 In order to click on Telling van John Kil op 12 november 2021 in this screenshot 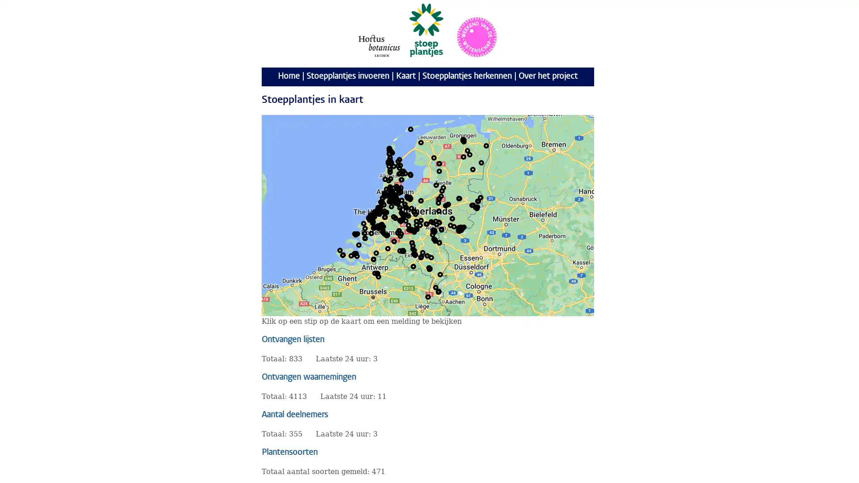, I will do `click(374, 258)`.